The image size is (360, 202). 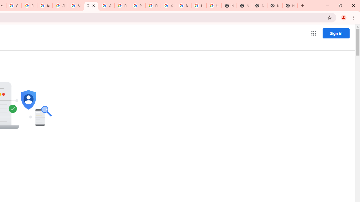 What do you see at coordinates (168, 6) in the screenshot?
I see `'YouTube'` at bounding box center [168, 6].